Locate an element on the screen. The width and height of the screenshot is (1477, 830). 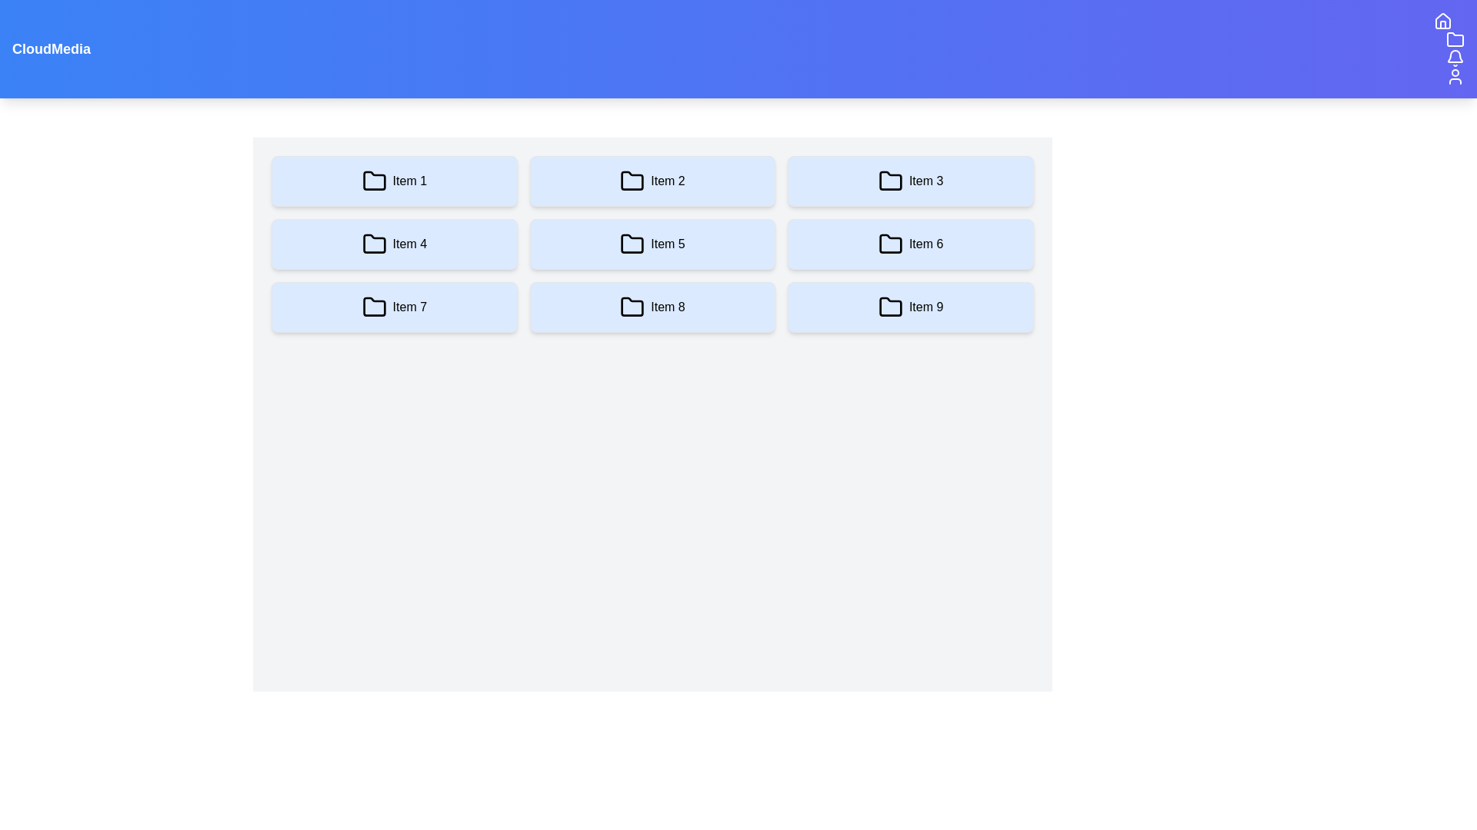
the Home navigation icon is located at coordinates (1442, 21).